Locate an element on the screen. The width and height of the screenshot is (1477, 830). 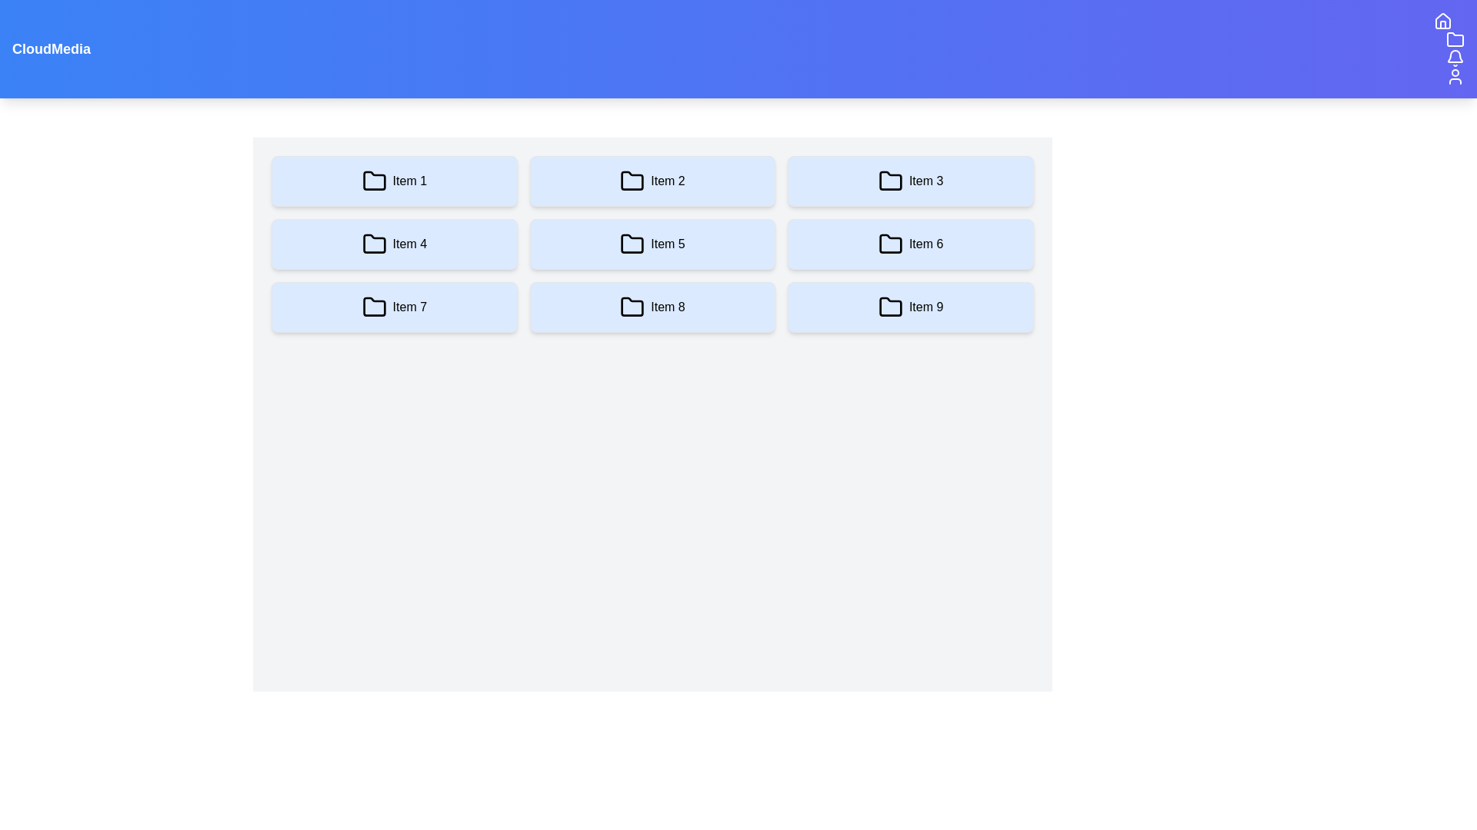
the Home navigation icon is located at coordinates (1442, 21).